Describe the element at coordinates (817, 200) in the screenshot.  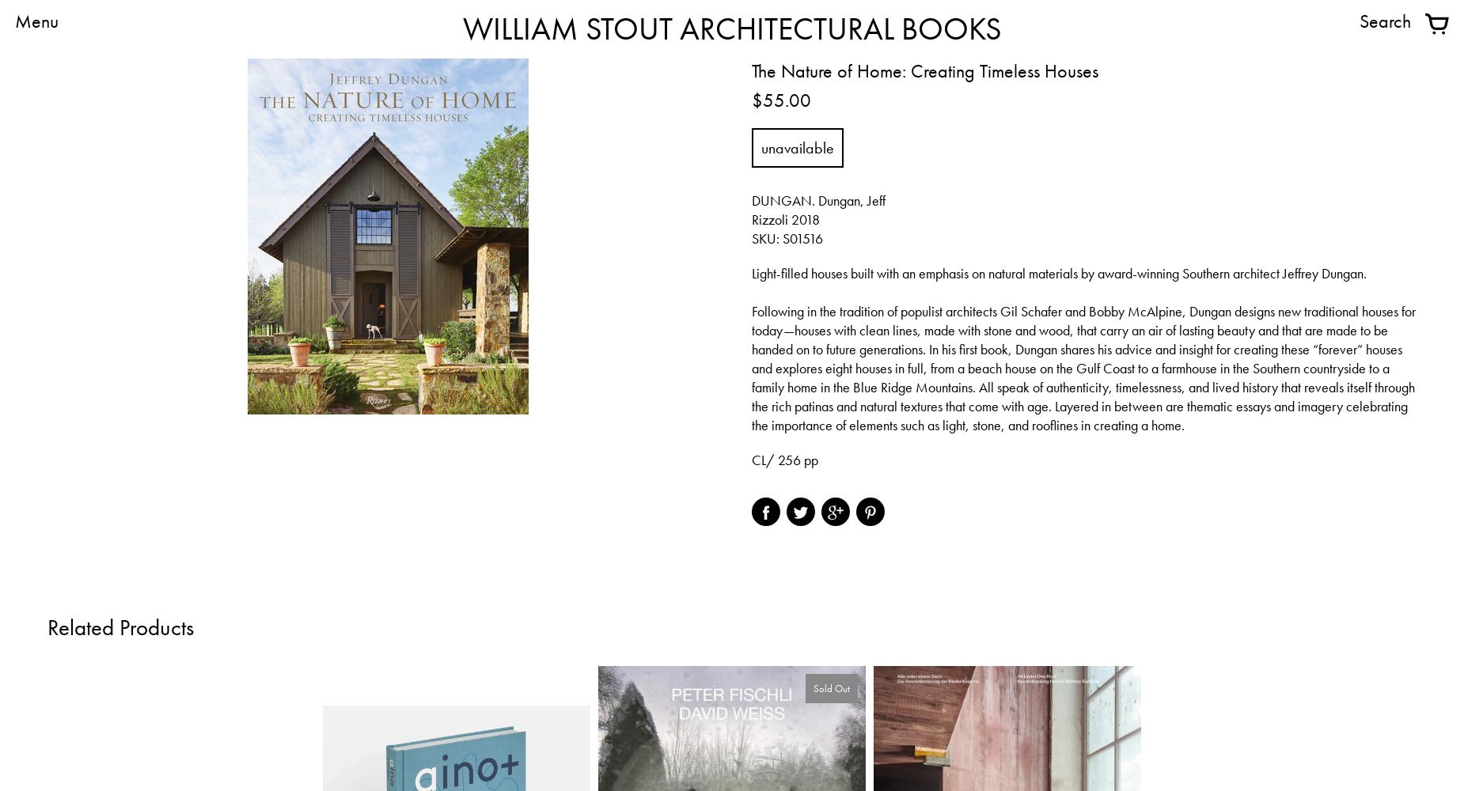
I see `'DUNGAN. Dungan, Jeff'` at that location.